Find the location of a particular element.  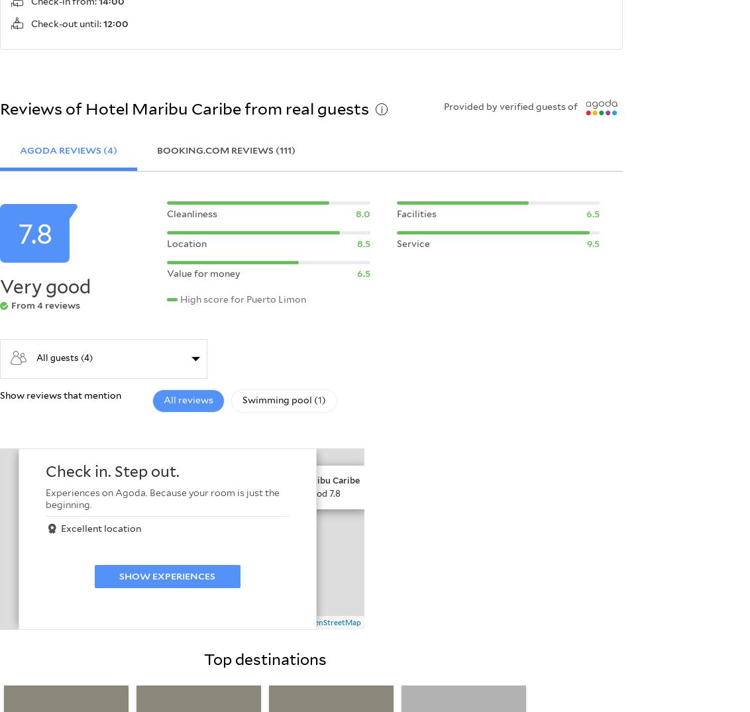

'Very good' is located at coordinates (0, 286).